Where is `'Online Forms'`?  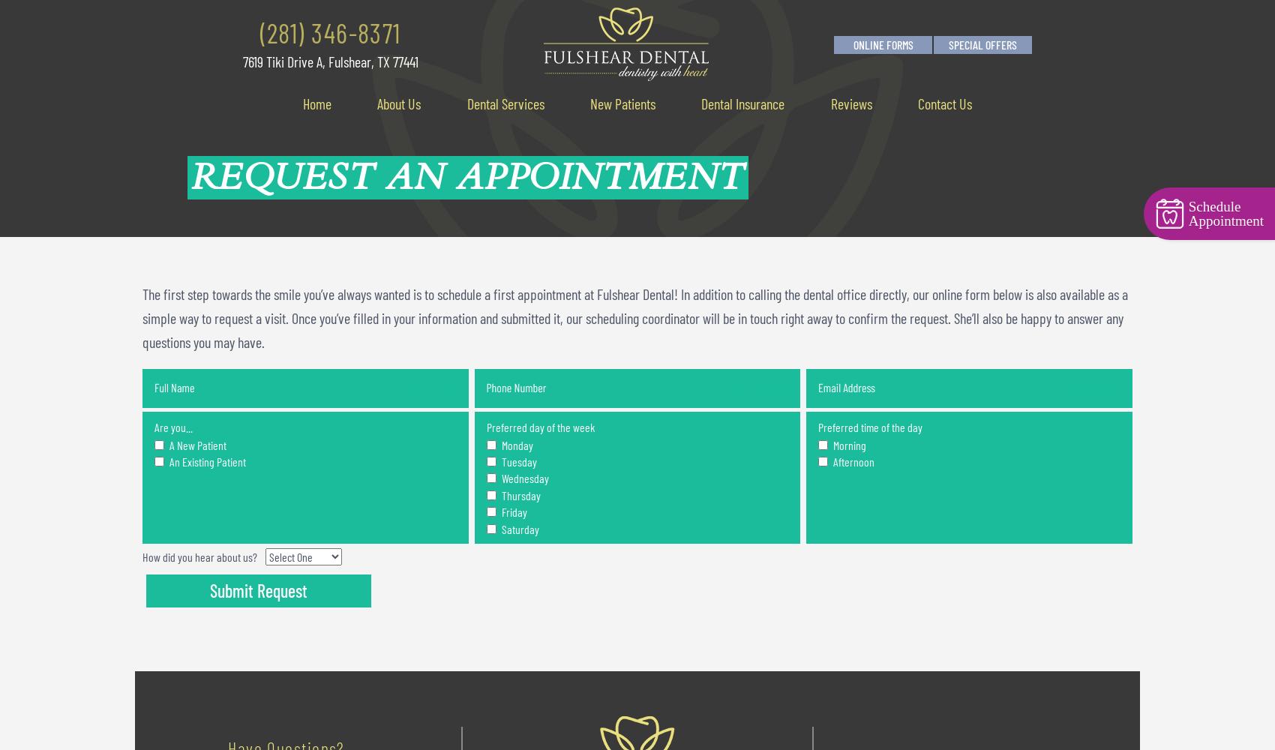 'Online Forms' is located at coordinates (882, 44).